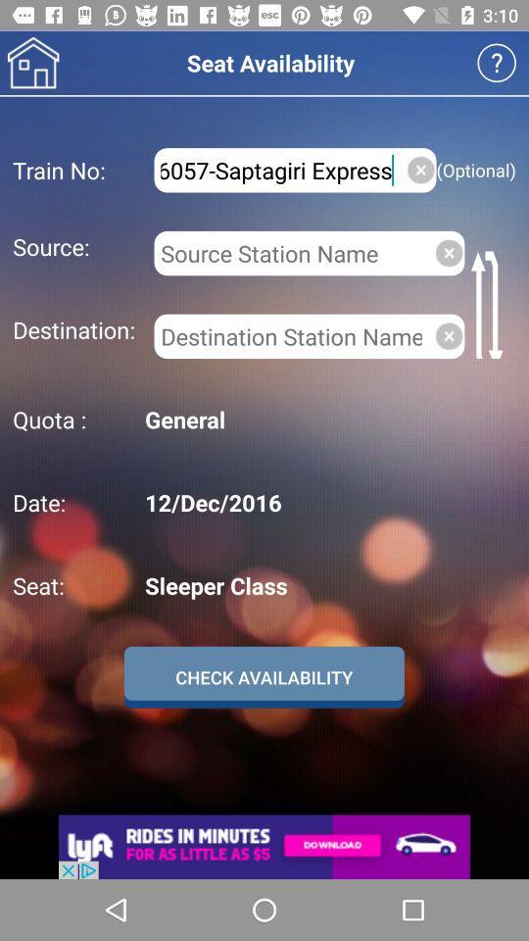 The height and width of the screenshot is (941, 529). Describe the element at coordinates (497, 63) in the screenshot. I see `receive info on page` at that location.